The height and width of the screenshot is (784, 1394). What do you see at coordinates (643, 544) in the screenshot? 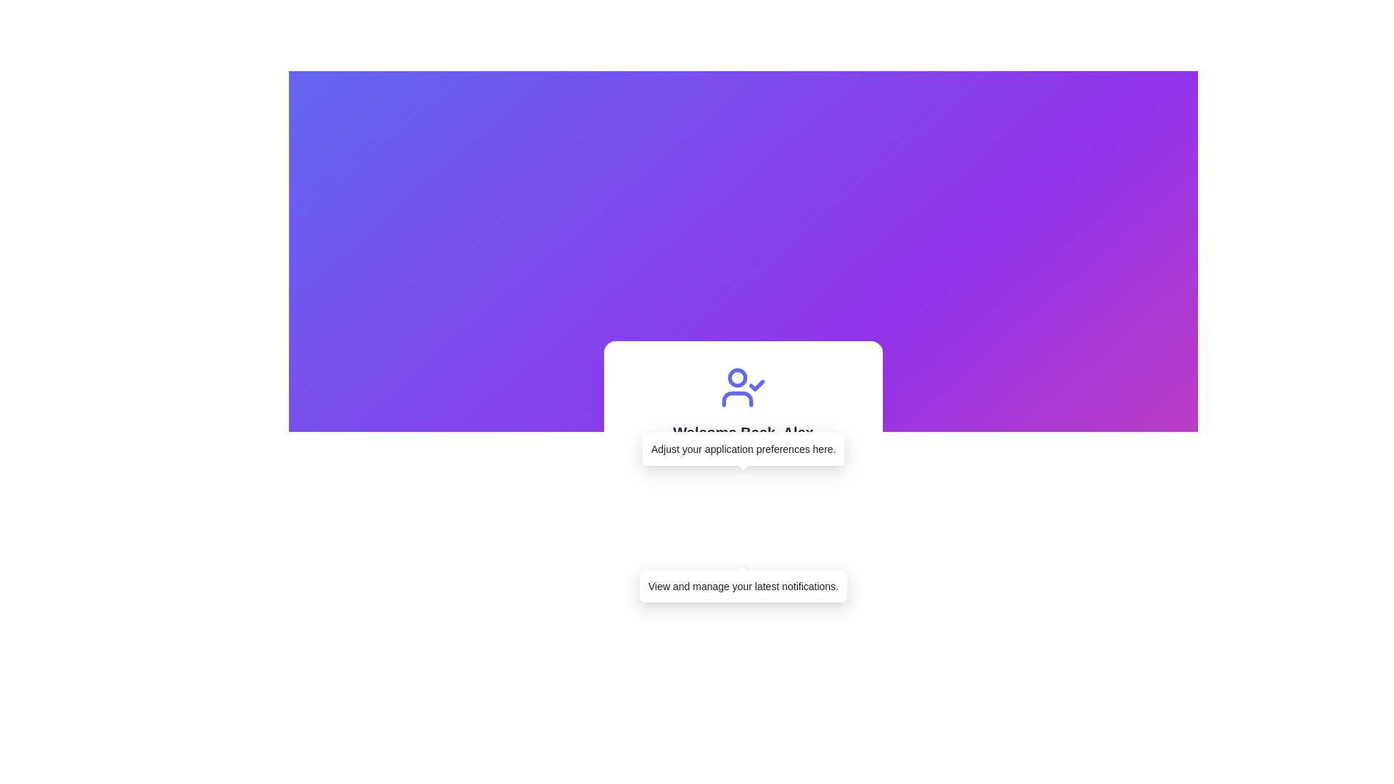
I see `the notifications text adjacent to the bell icon, which represents the notification feature` at bounding box center [643, 544].